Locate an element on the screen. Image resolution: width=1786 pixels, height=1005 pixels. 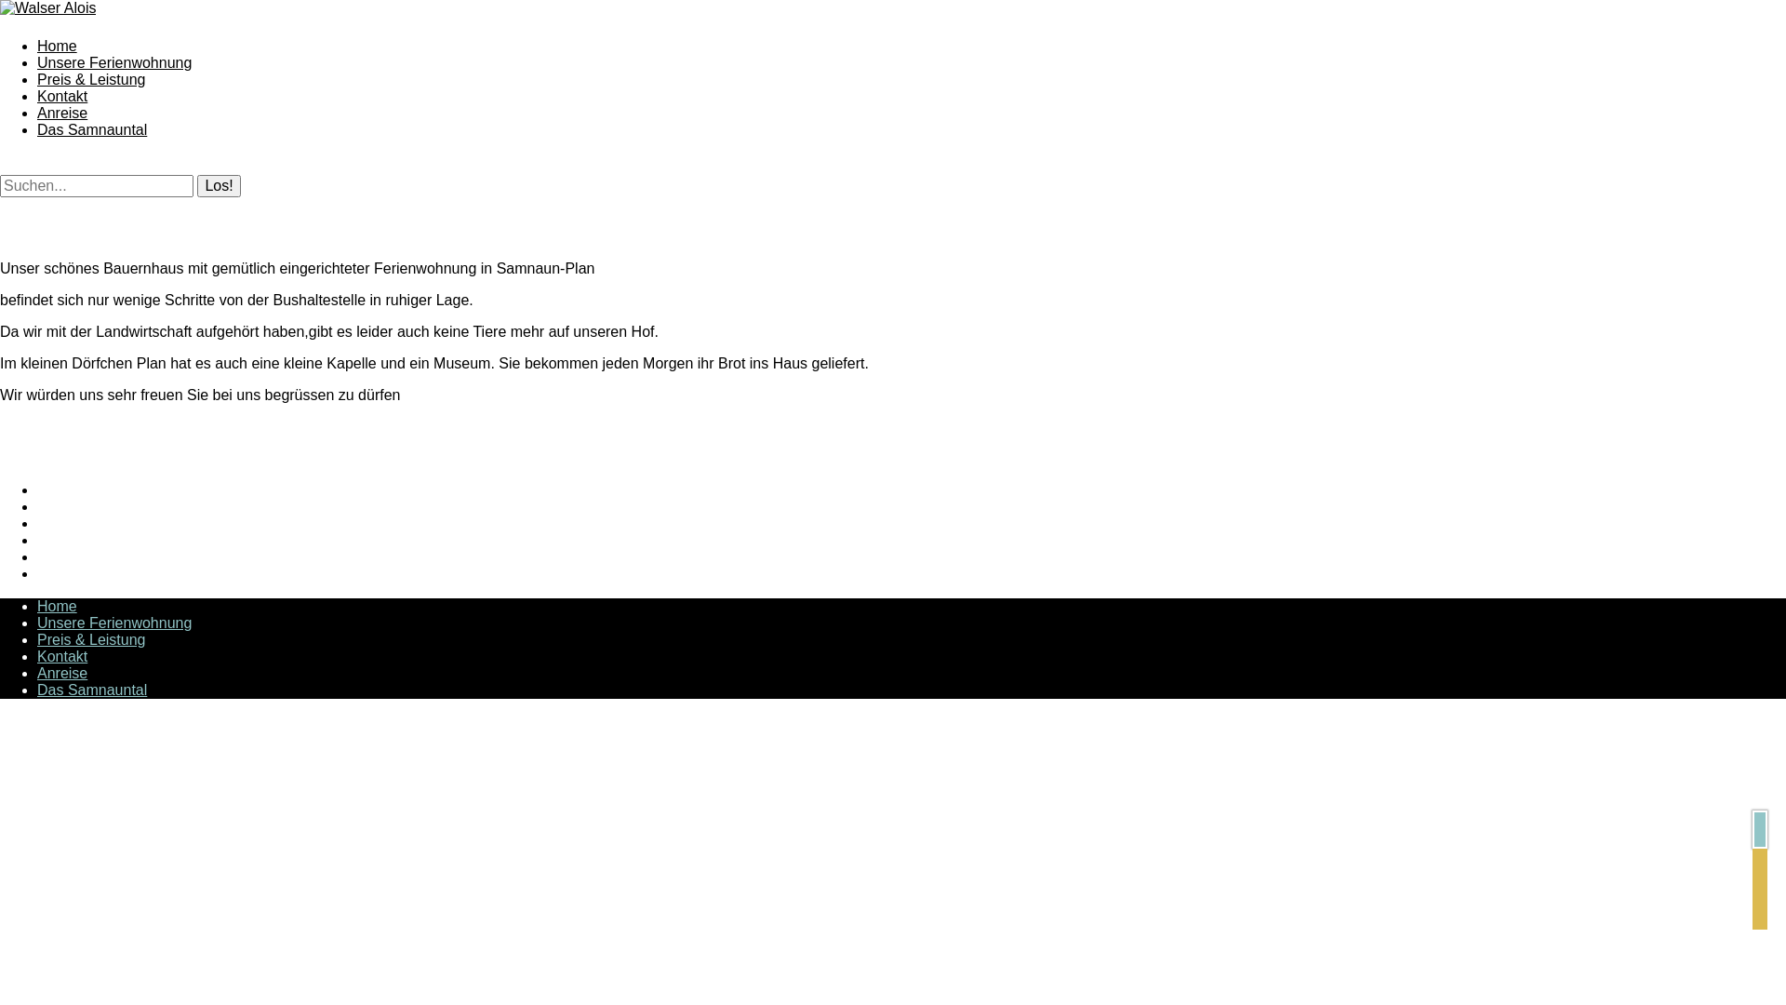
'Los!' is located at coordinates (219, 186).